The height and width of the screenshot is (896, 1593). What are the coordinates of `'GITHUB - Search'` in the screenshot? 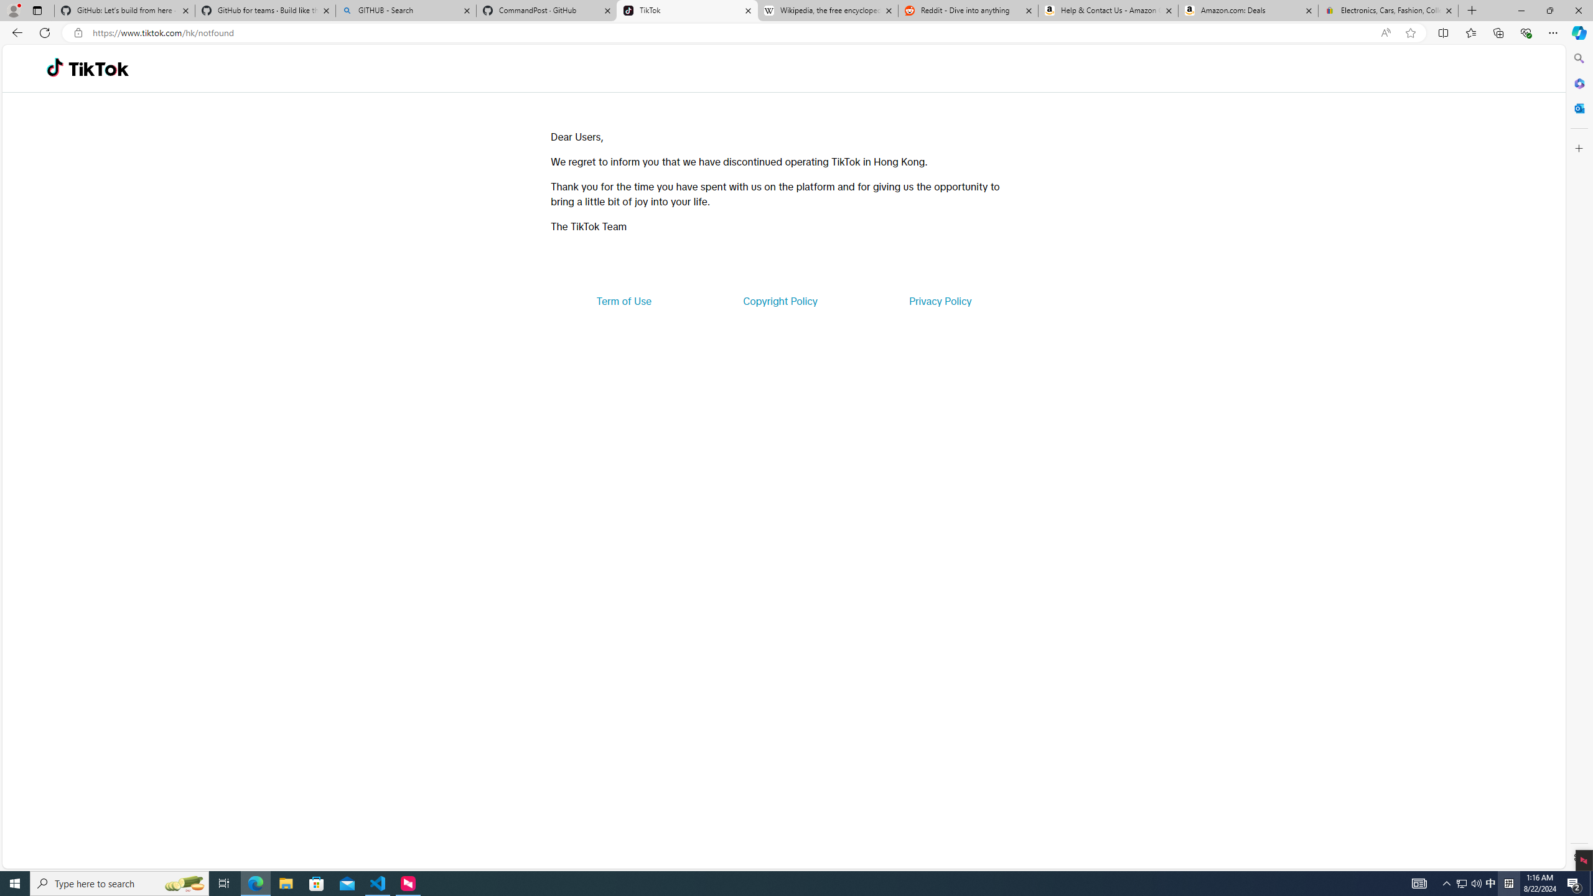 It's located at (405, 10).